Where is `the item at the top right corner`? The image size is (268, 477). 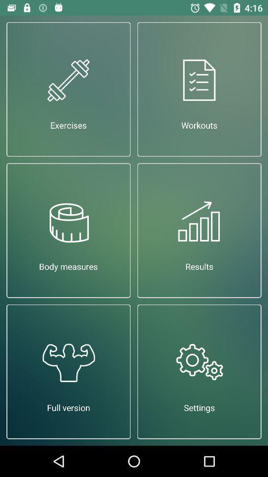
the item at the top right corner is located at coordinates (199, 88).